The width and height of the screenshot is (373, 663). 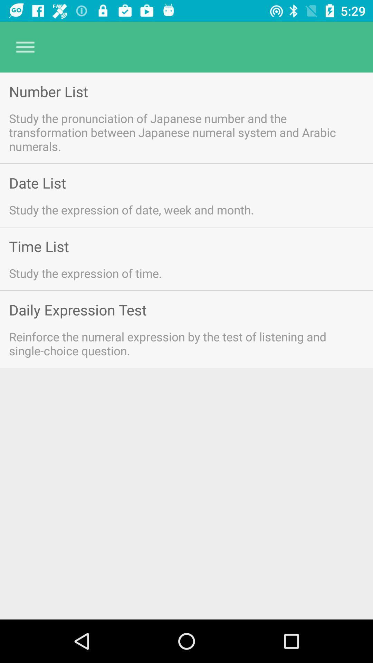 What do you see at coordinates (48, 91) in the screenshot?
I see `number list app` at bounding box center [48, 91].